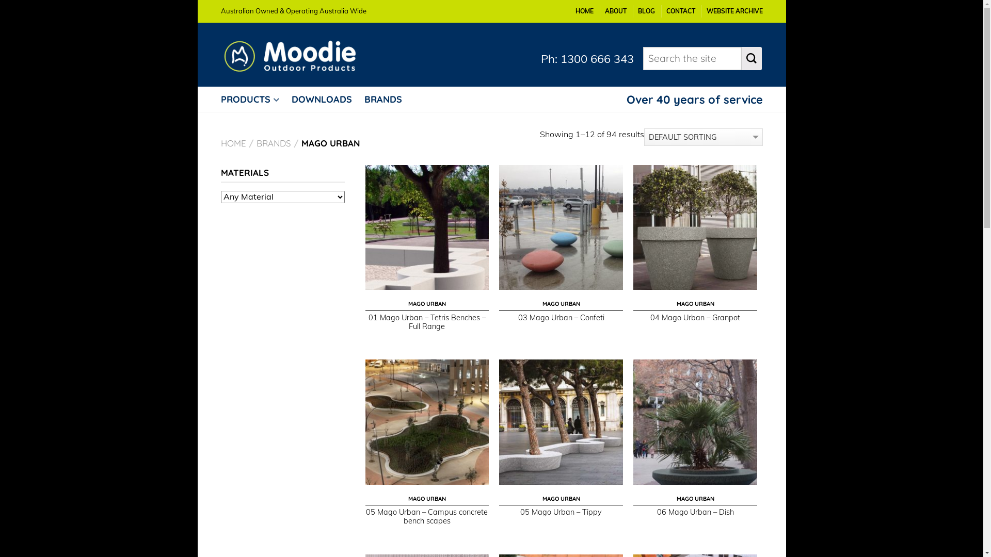 The width and height of the screenshot is (991, 557). I want to click on 'BRANDS', so click(388, 99).